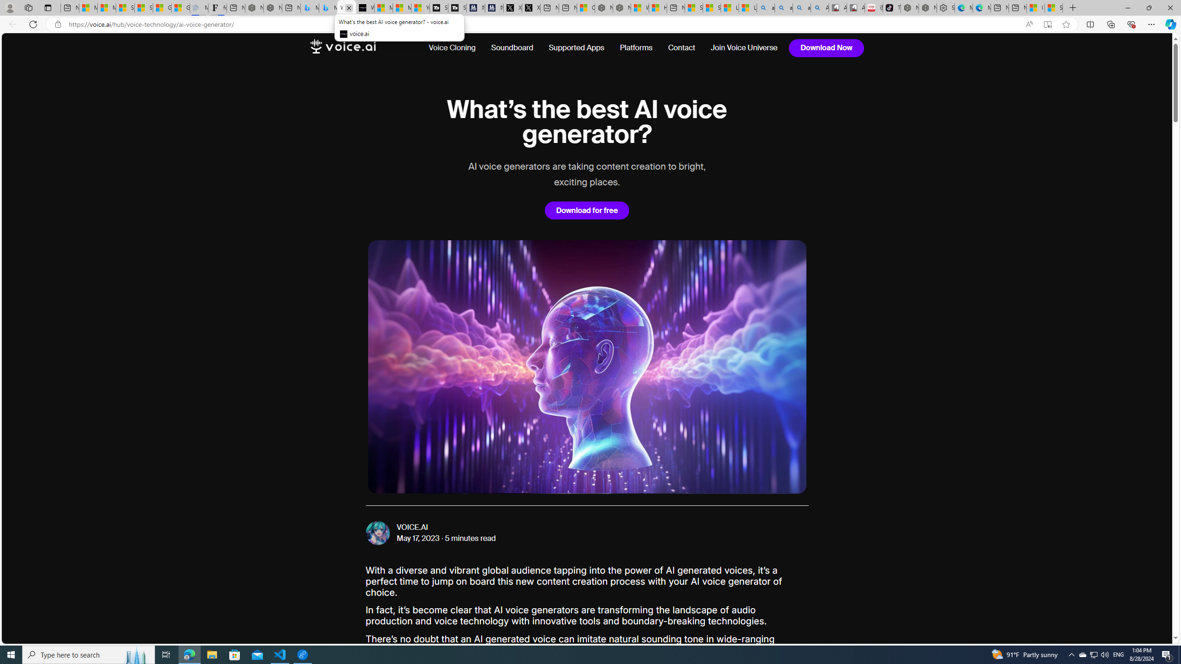  I want to click on 'TikTok', so click(891, 7).